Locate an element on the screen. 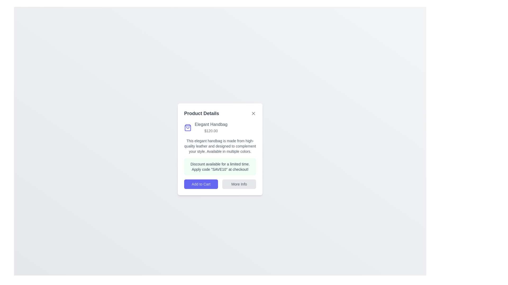 This screenshot has width=508, height=285. the informational static text that displays a promotional discount code, located in a rounded, light green background panel underneath the product description section in the modal interface is located at coordinates (220, 167).